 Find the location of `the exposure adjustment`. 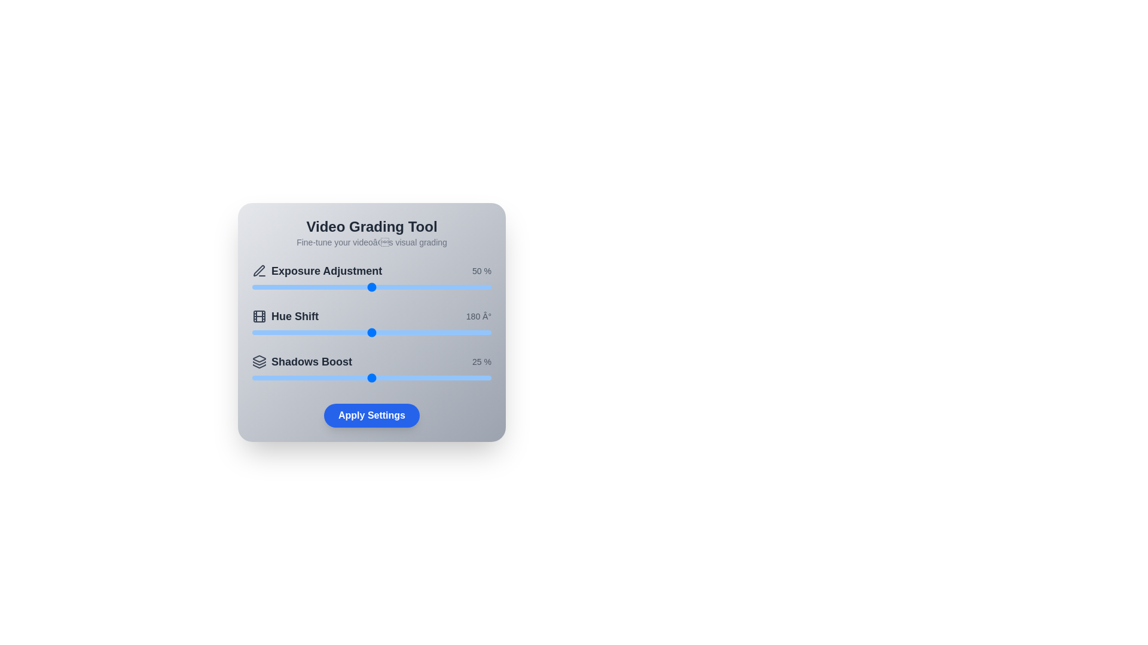

the exposure adjustment is located at coordinates (273, 287).